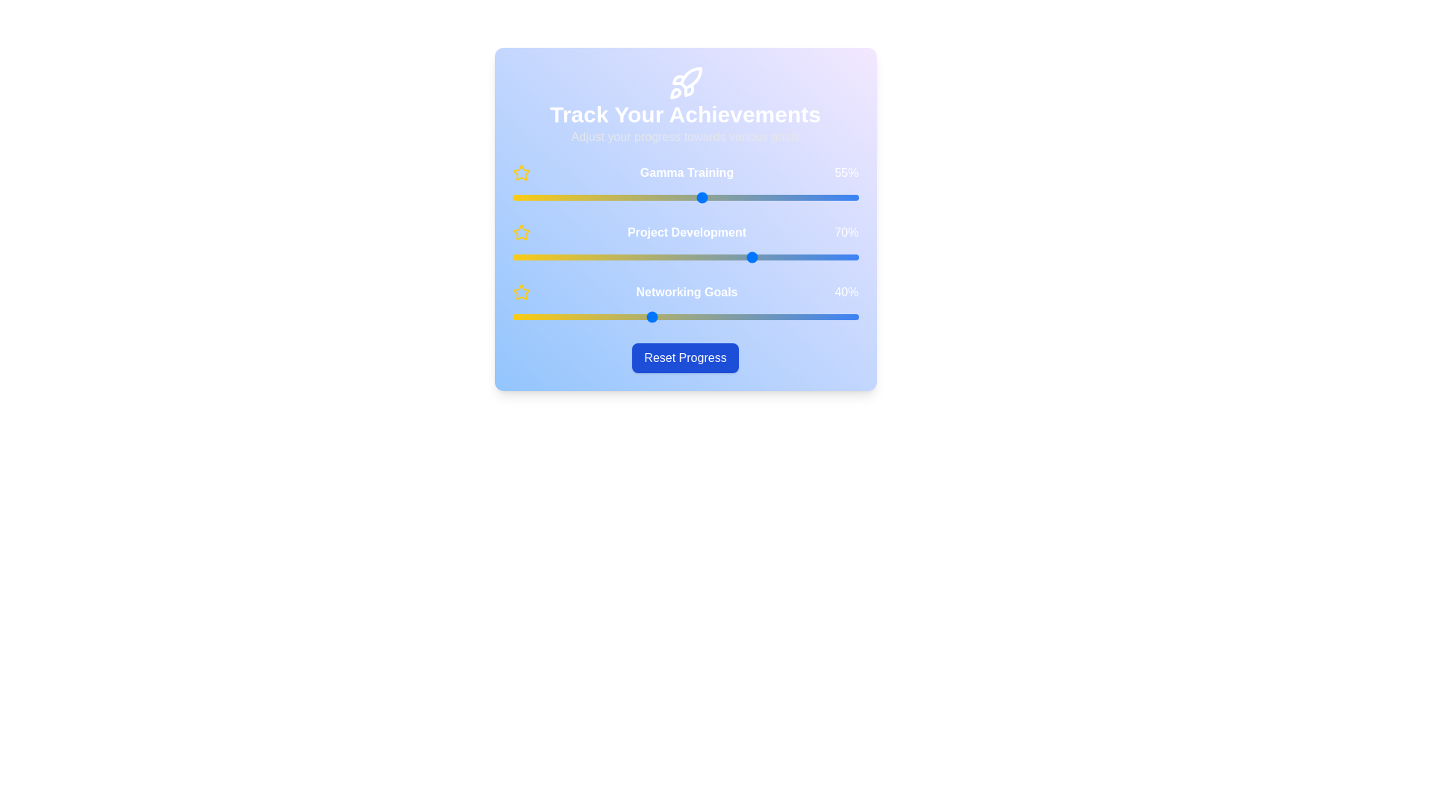 This screenshot has height=806, width=1433. I want to click on the 'Project Development' slider to 52%, so click(691, 256).